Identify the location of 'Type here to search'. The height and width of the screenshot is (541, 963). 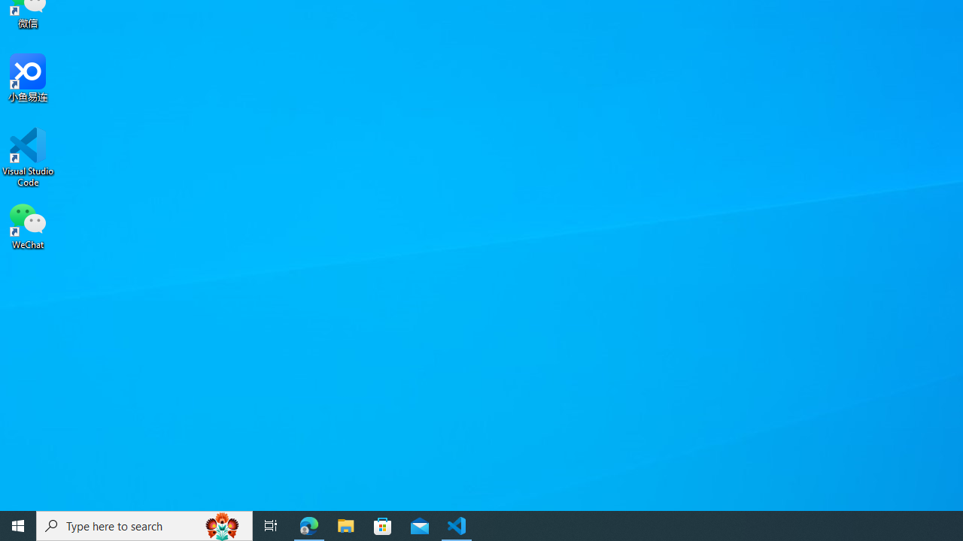
(144, 524).